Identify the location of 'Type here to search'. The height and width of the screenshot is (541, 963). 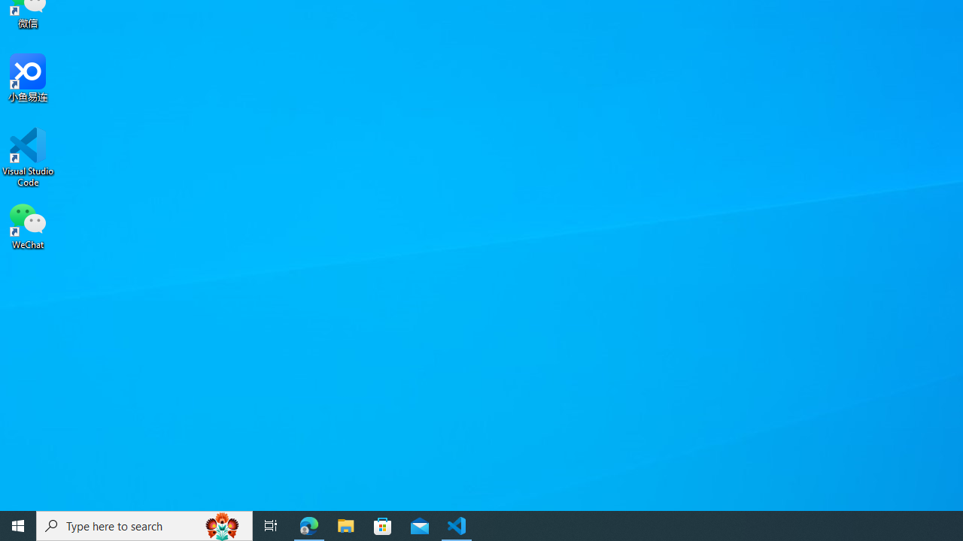
(144, 524).